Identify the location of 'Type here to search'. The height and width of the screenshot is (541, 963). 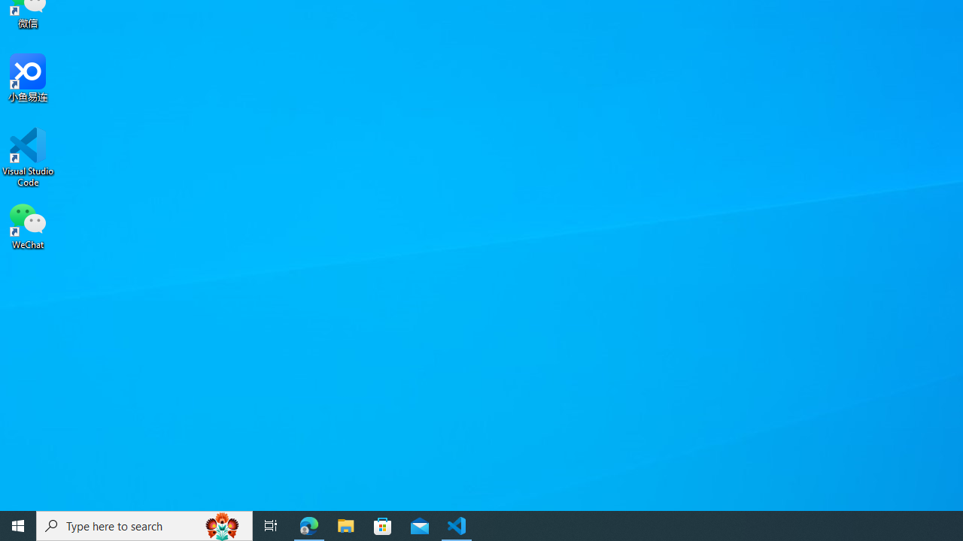
(144, 524).